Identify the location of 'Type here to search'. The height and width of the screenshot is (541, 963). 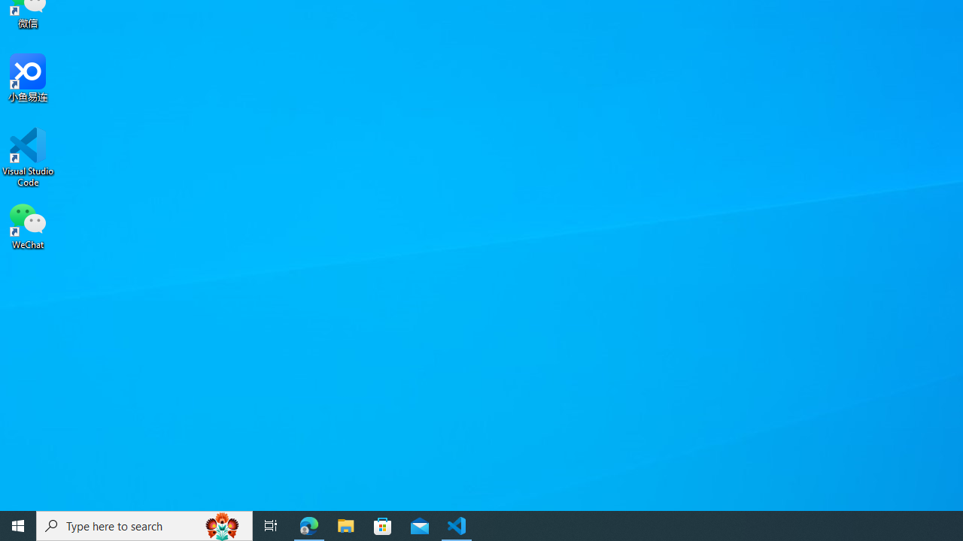
(144, 524).